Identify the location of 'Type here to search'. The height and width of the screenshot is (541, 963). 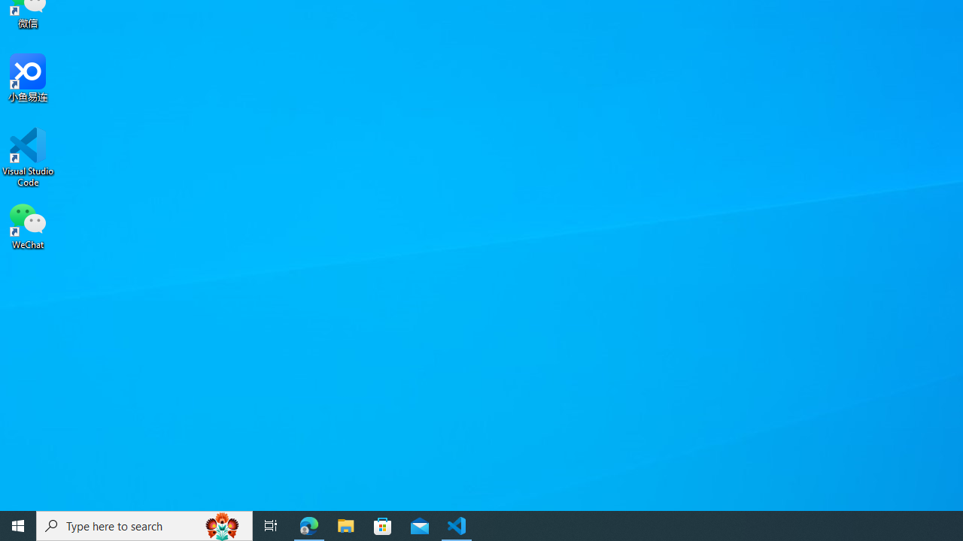
(144, 524).